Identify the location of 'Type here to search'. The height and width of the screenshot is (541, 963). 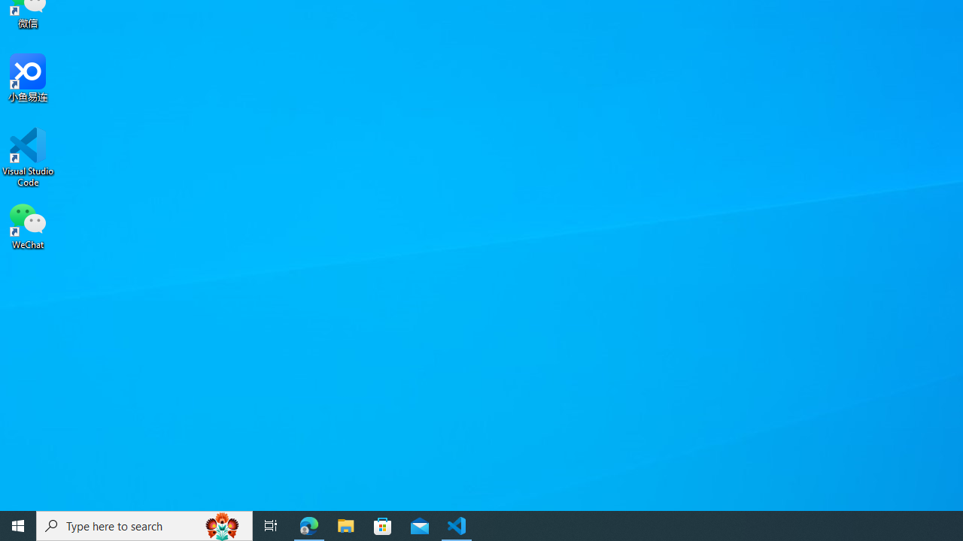
(144, 524).